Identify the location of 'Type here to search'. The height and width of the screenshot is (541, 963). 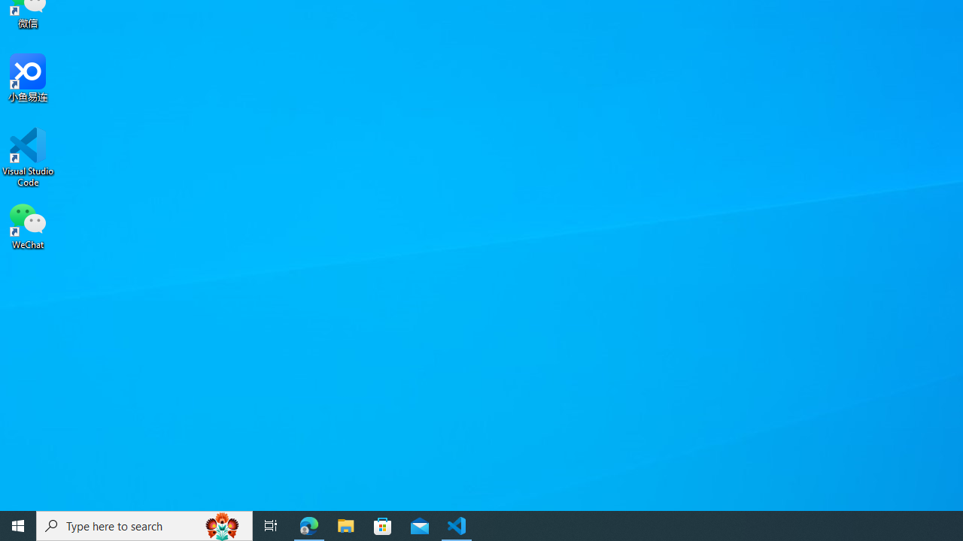
(144, 524).